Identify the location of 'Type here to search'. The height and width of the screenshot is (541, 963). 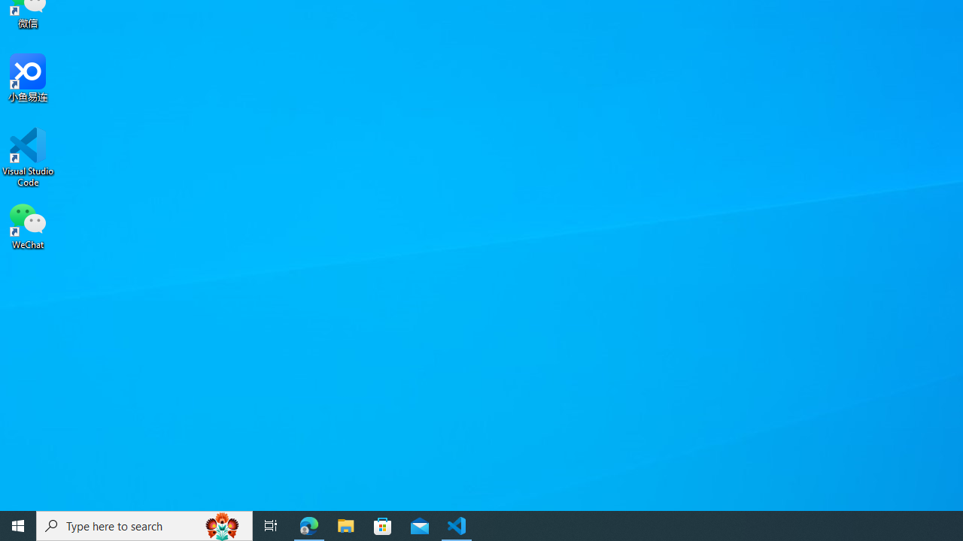
(144, 524).